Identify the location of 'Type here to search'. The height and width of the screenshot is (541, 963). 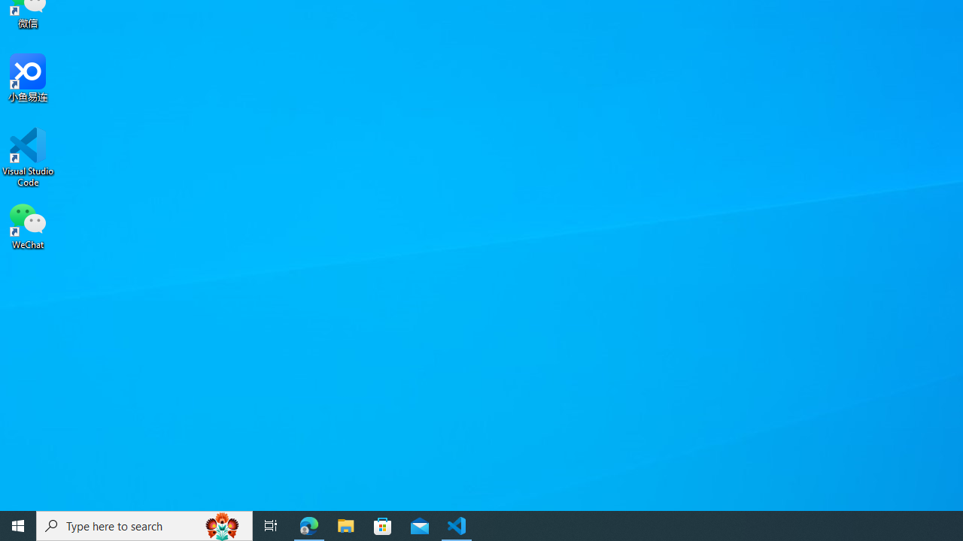
(144, 524).